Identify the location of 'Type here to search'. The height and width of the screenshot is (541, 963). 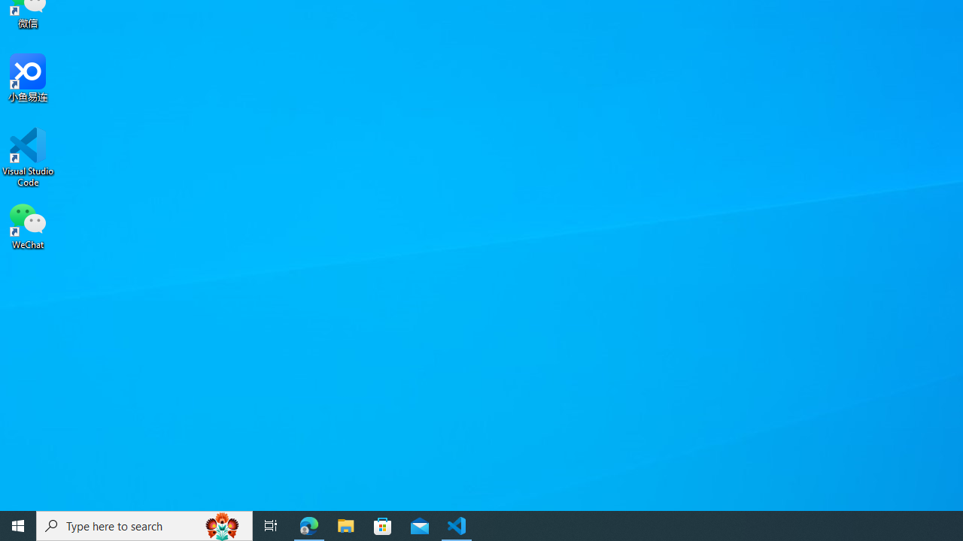
(144, 524).